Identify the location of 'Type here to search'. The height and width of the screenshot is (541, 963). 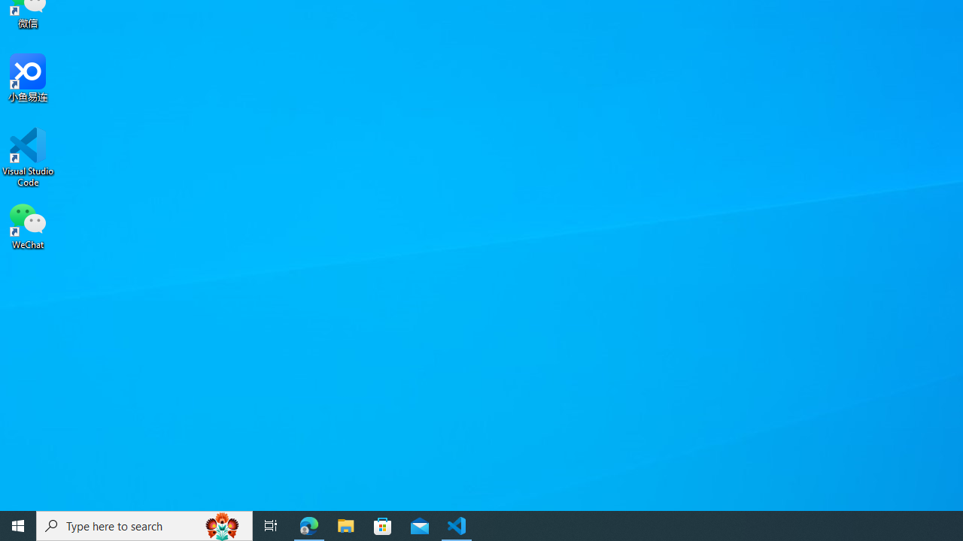
(144, 524).